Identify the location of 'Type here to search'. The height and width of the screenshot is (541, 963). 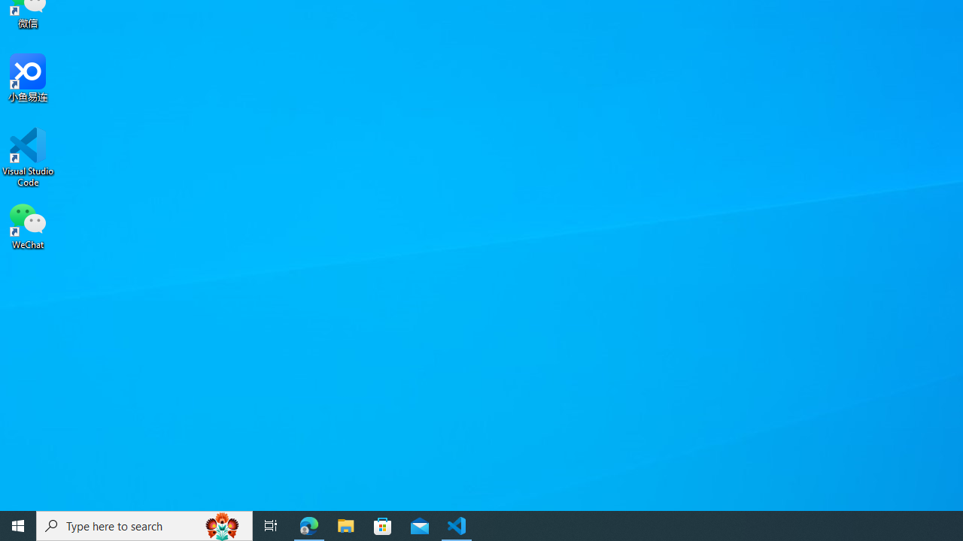
(144, 524).